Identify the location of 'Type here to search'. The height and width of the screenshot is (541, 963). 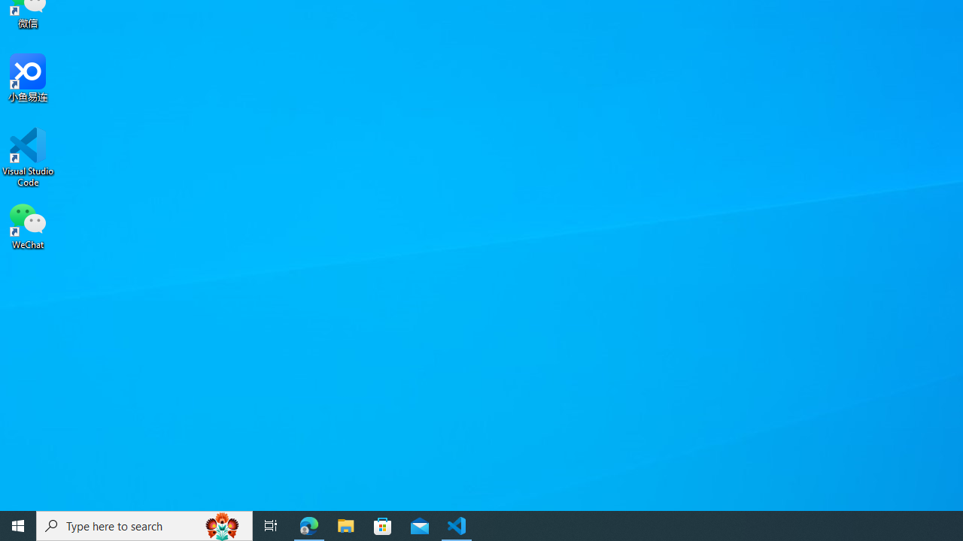
(144, 524).